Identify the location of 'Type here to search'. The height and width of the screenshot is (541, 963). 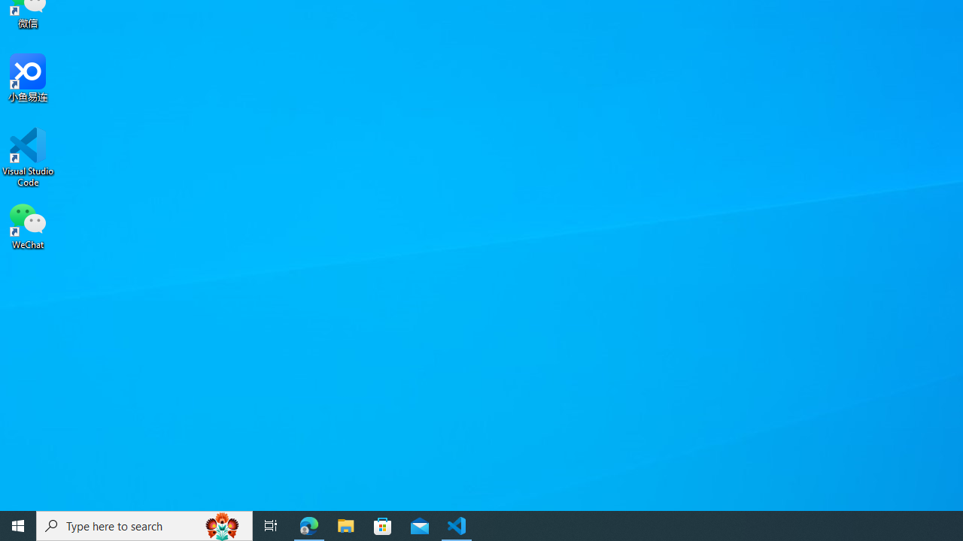
(144, 524).